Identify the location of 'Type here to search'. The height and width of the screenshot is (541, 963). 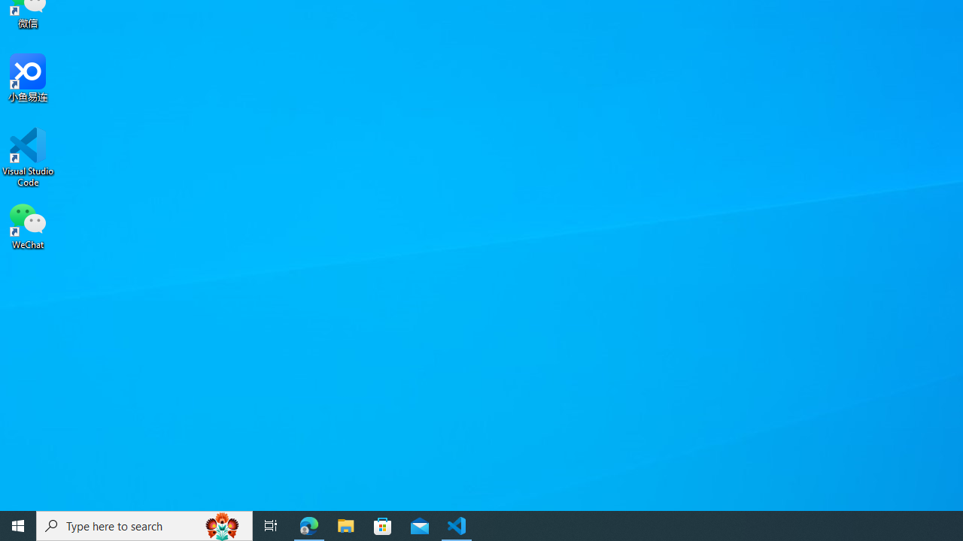
(144, 524).